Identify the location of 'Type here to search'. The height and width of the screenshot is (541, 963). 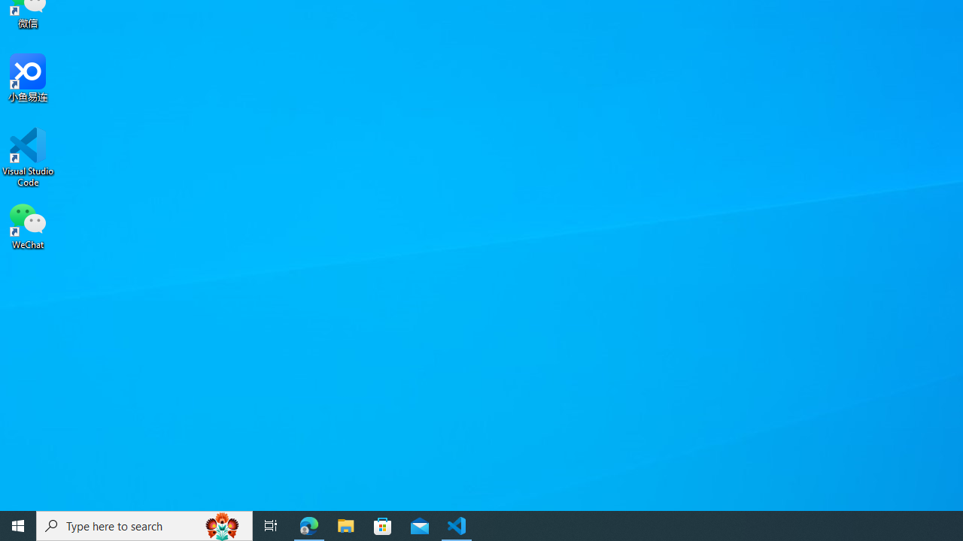
(144, 524).